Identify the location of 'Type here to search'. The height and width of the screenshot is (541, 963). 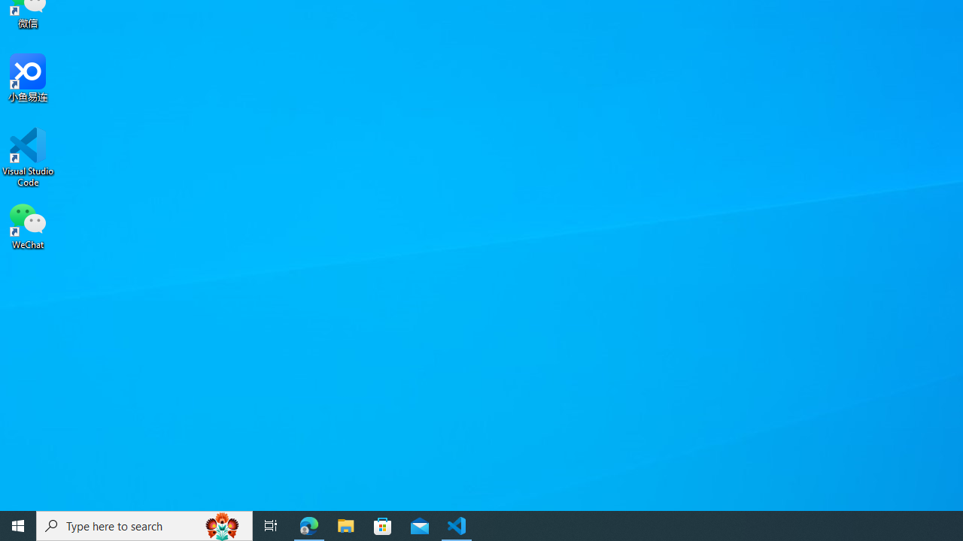
(144, 524).